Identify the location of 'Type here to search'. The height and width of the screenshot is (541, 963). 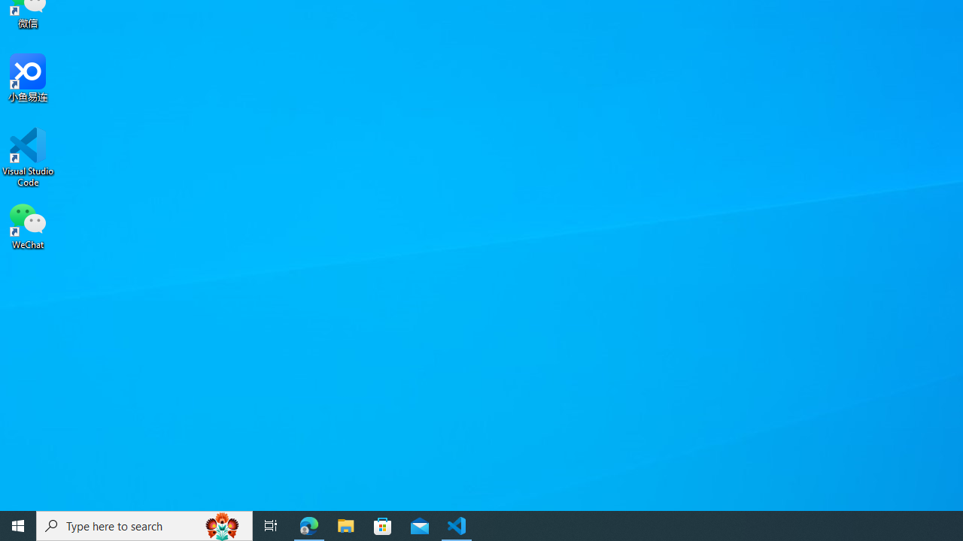
(144, 524).